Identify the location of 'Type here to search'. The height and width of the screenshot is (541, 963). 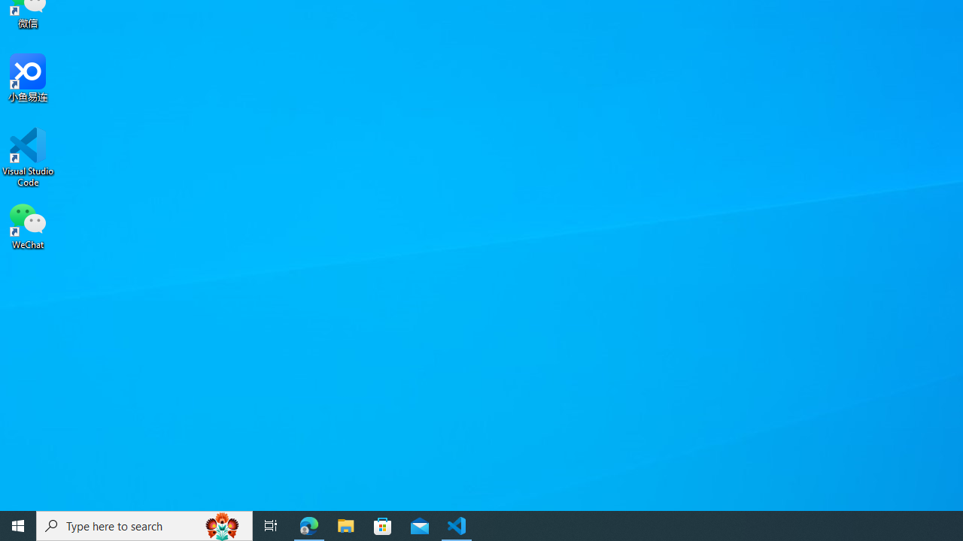
(144, 524).